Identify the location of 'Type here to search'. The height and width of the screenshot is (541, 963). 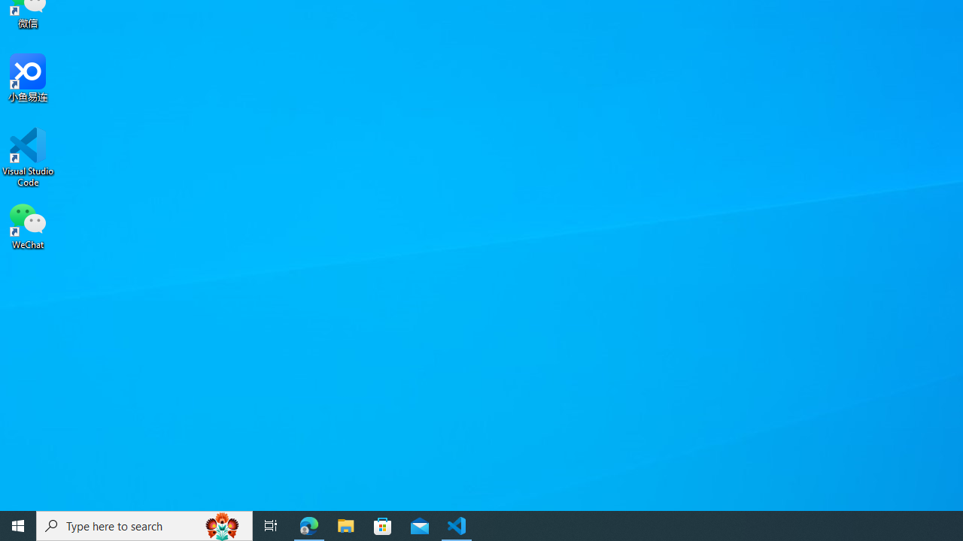
(144, 524).